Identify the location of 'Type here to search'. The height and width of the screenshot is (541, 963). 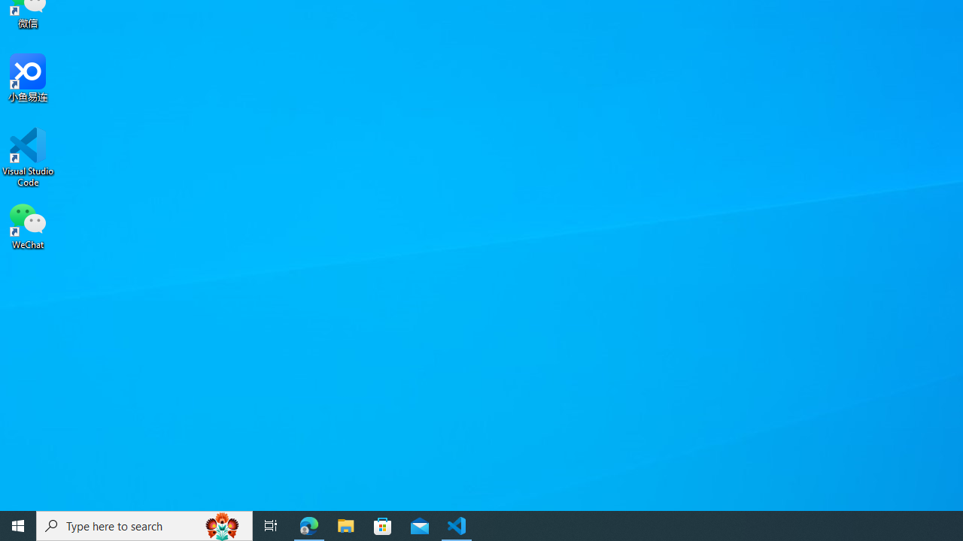
(144, 524).